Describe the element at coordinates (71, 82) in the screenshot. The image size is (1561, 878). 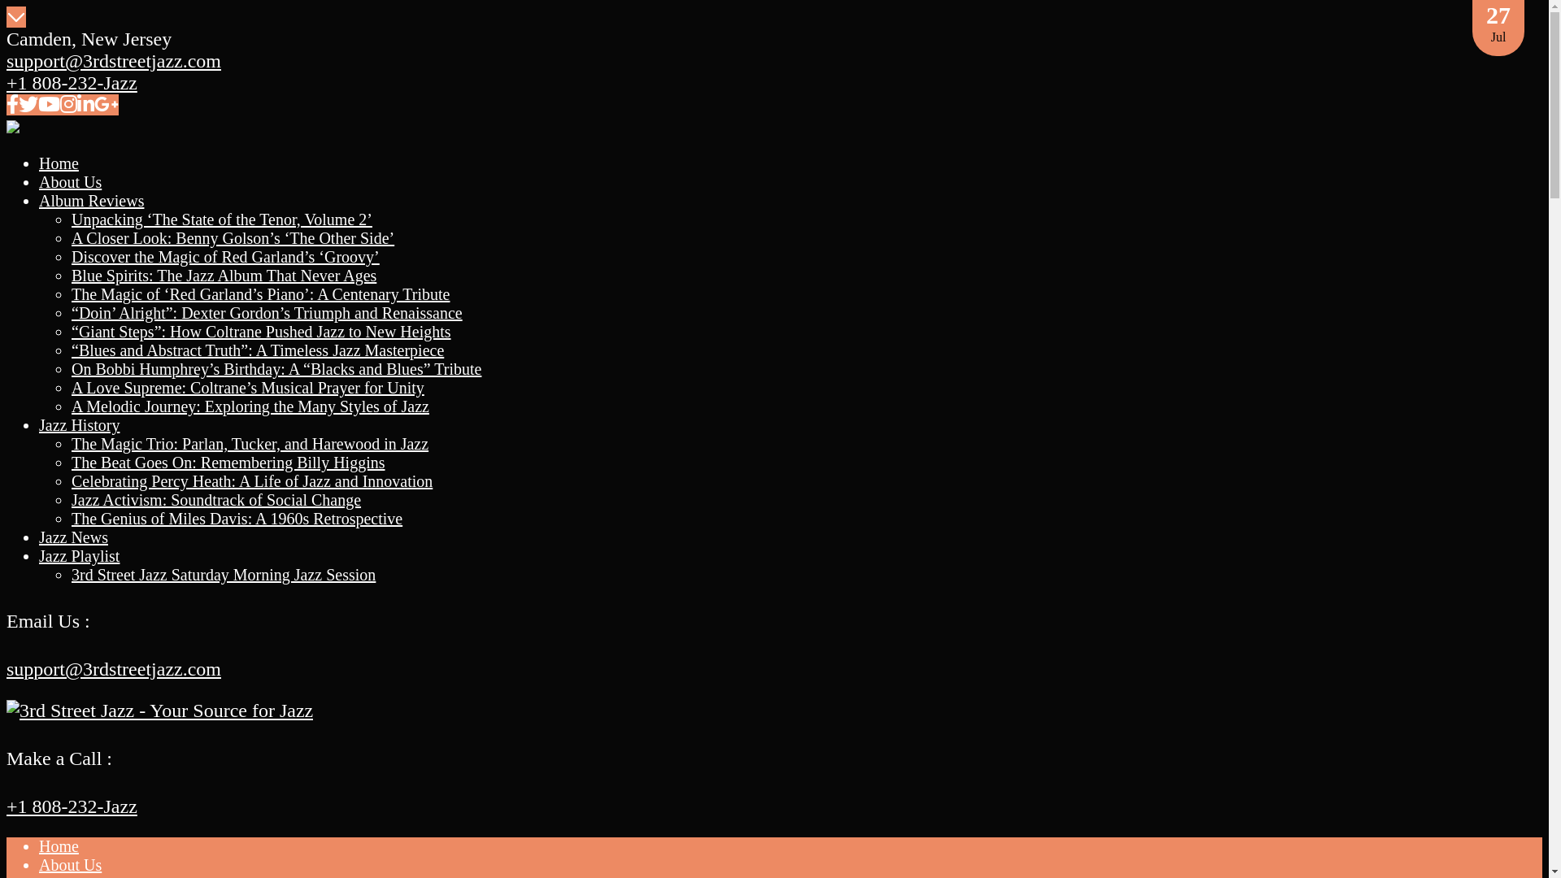
I see `'+1 808-232-Jazz'` at that location.